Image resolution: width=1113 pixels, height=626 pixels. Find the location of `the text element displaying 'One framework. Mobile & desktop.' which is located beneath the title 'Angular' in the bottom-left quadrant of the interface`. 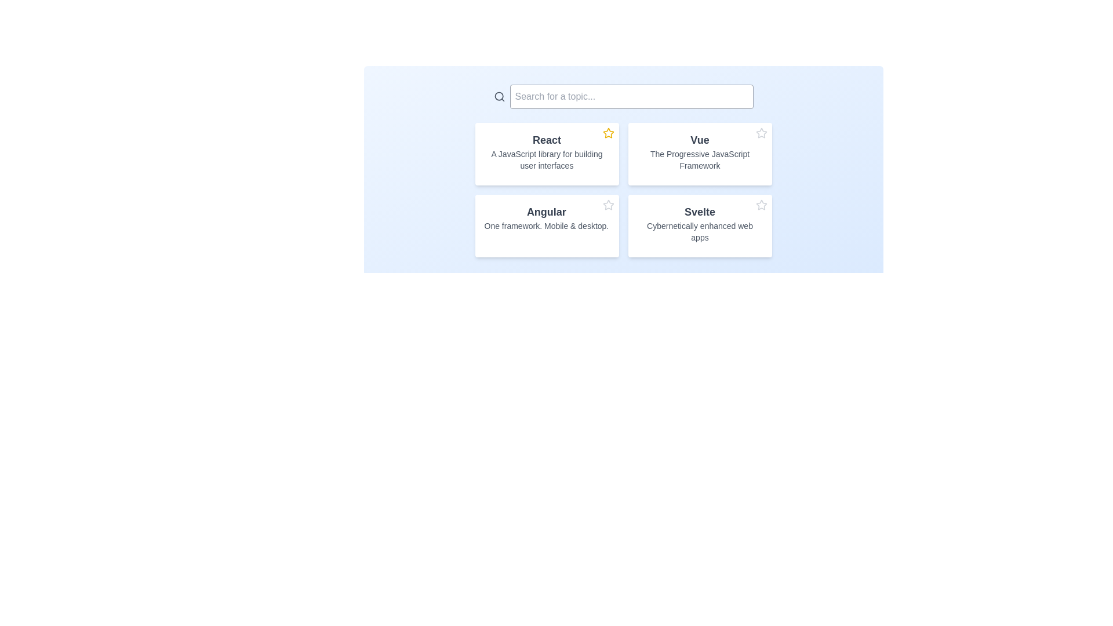

the text element displaying 'One framework. Mobile & desktop.' which is located beneath the title 'Angular' in the bottom-left quadrant of the interface is located at coordinates (545, 225).